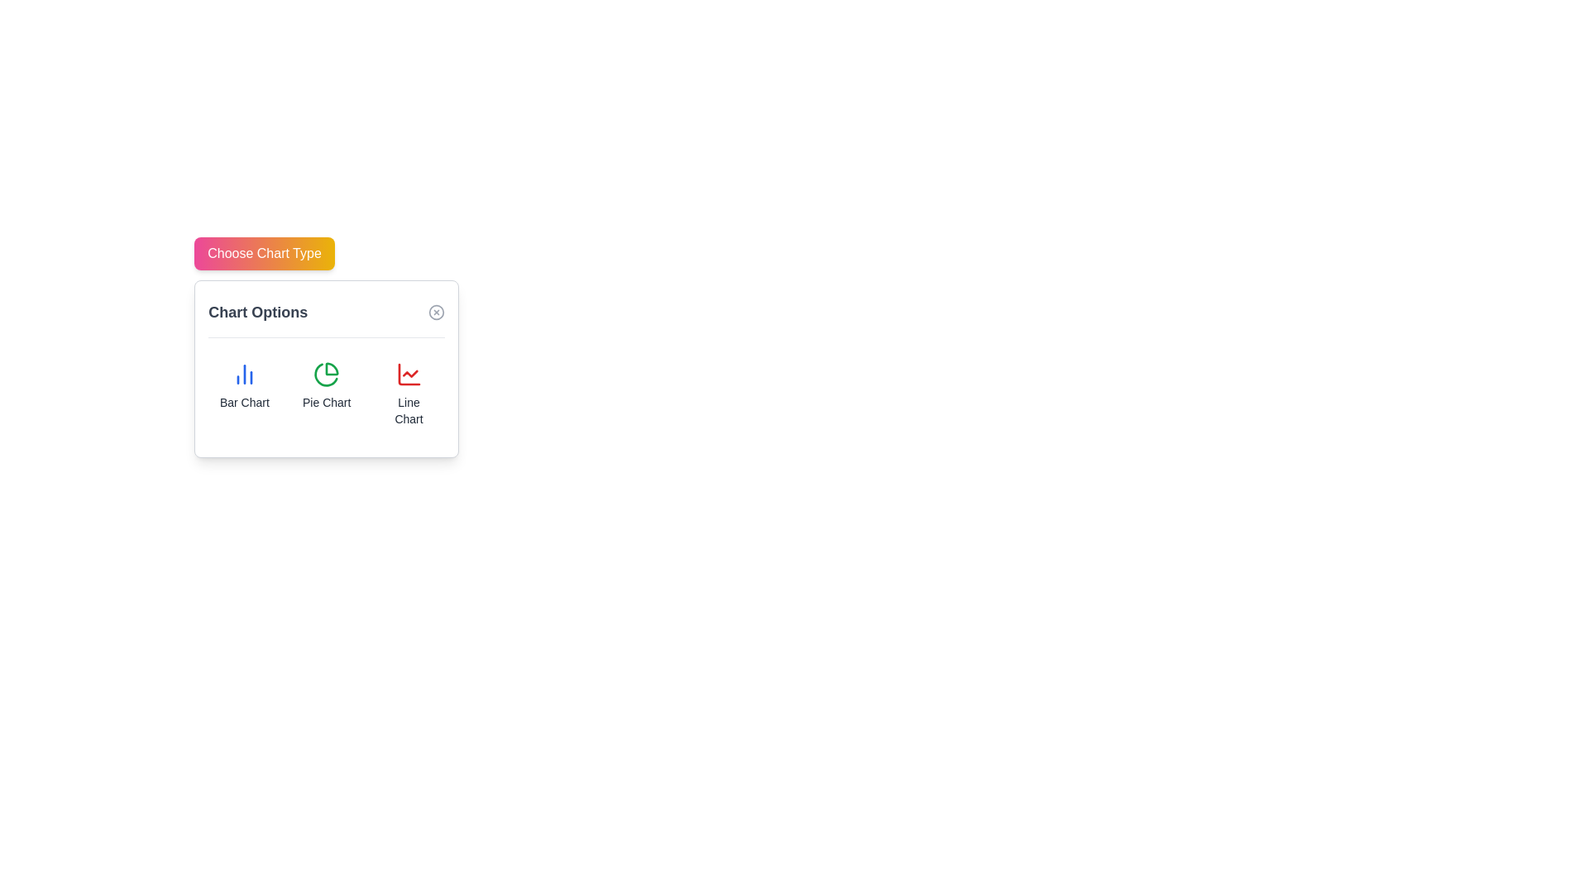 This screenshot has height=893, width=1588. Describe the element at coordinates (327, 394) in the screenshot. I see `the 'Pie Chart' button, which features a green pie chart icon and the label 'Pie Chart' below it, centrally aligned in the card labeled 'Chart Options'` at that location.